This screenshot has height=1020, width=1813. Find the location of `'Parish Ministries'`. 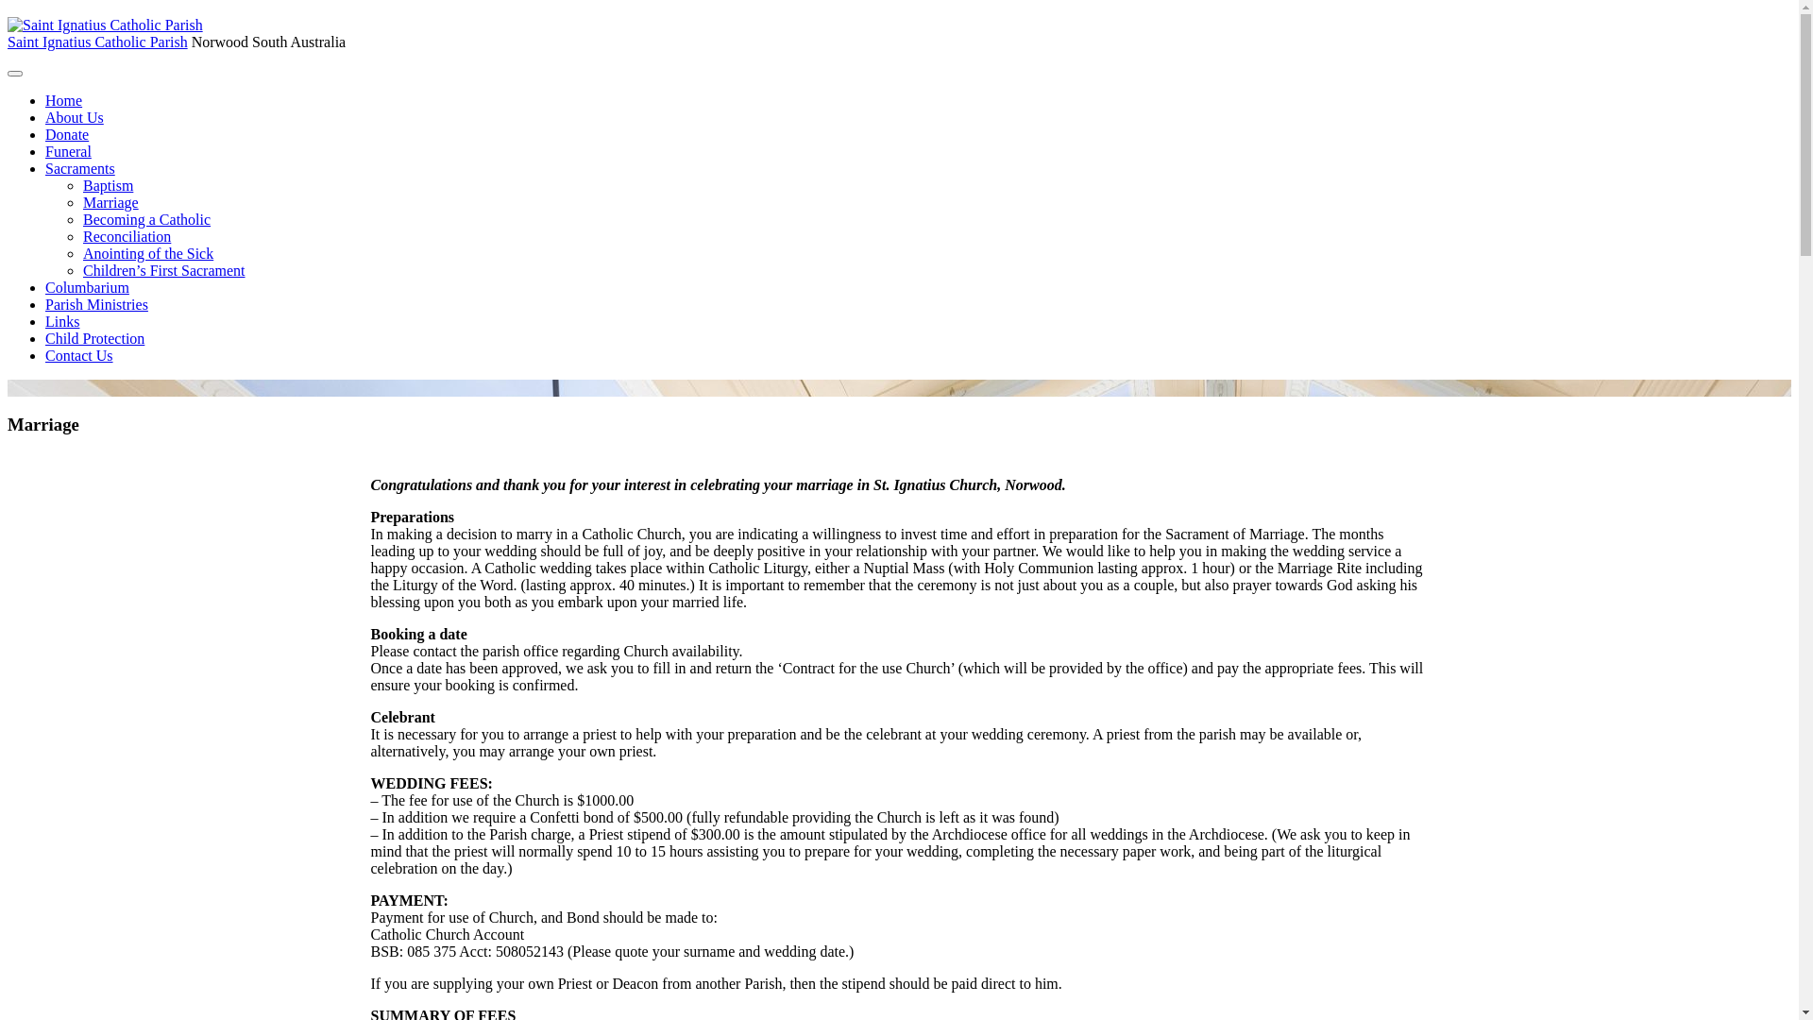

'Parish Ministries' is located at coordinates (95, 303).